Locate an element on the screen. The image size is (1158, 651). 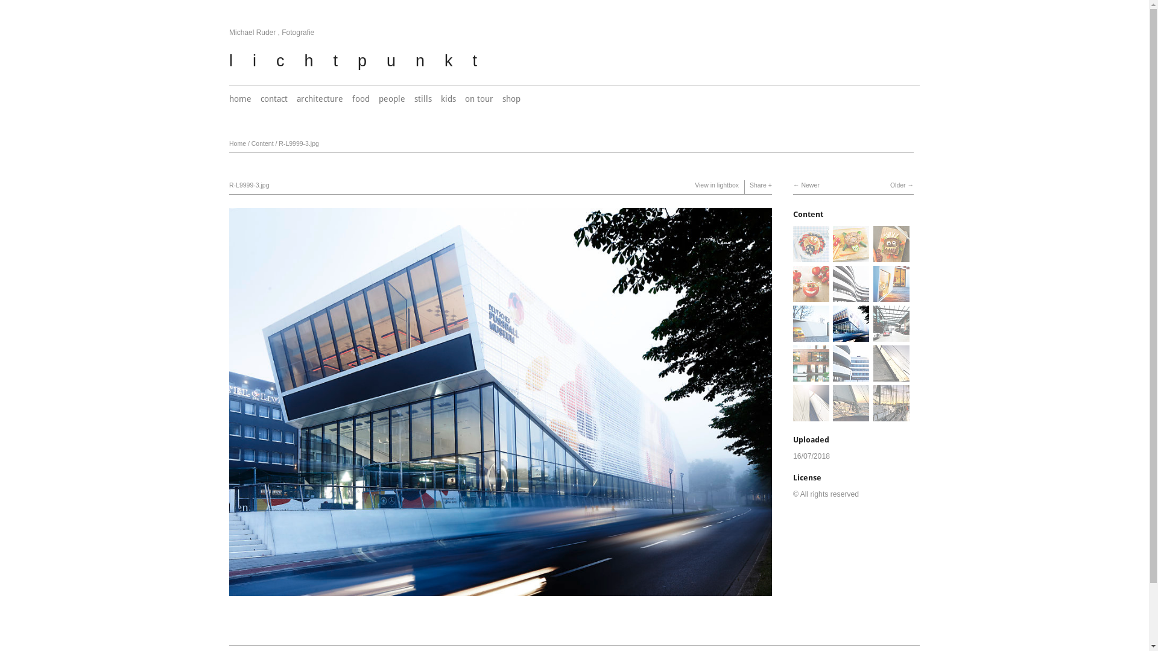
'View in lightbox' is located at coordinates (695, 185).